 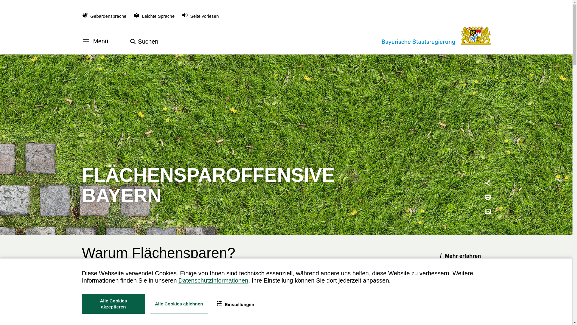 What do you see at coordinates (487, 212) in the screenshot?
I see `'Seite per Email versenden'` at bounding box center [487, 212].